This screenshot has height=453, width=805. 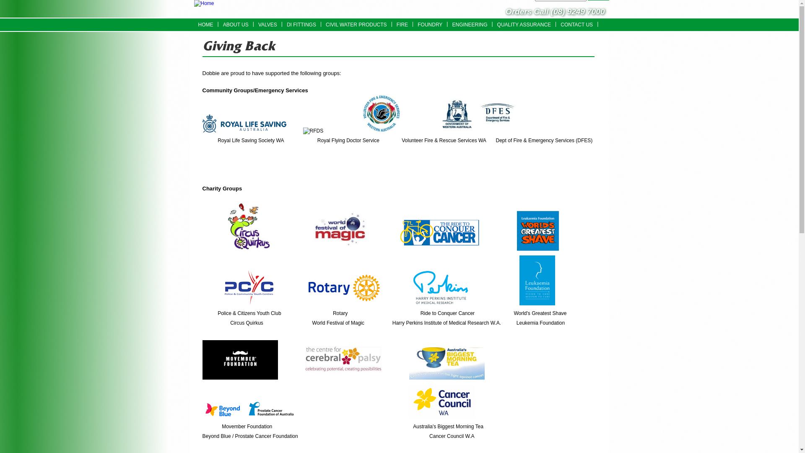 I want to click on 'C Palsy', so click(x=343, y=359).